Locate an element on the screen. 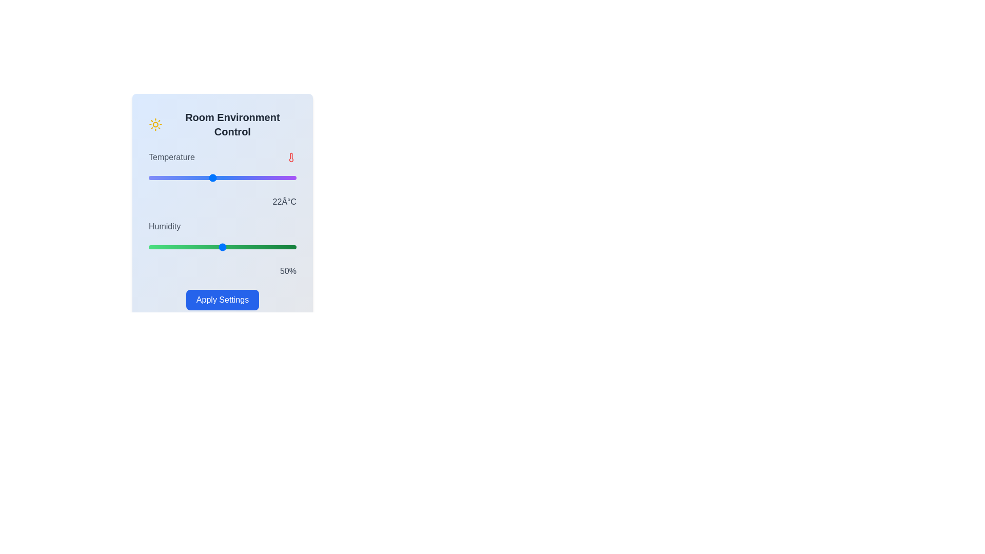  the temperature slider to set the temperature to 22°C is located at coordinates (211, 177).